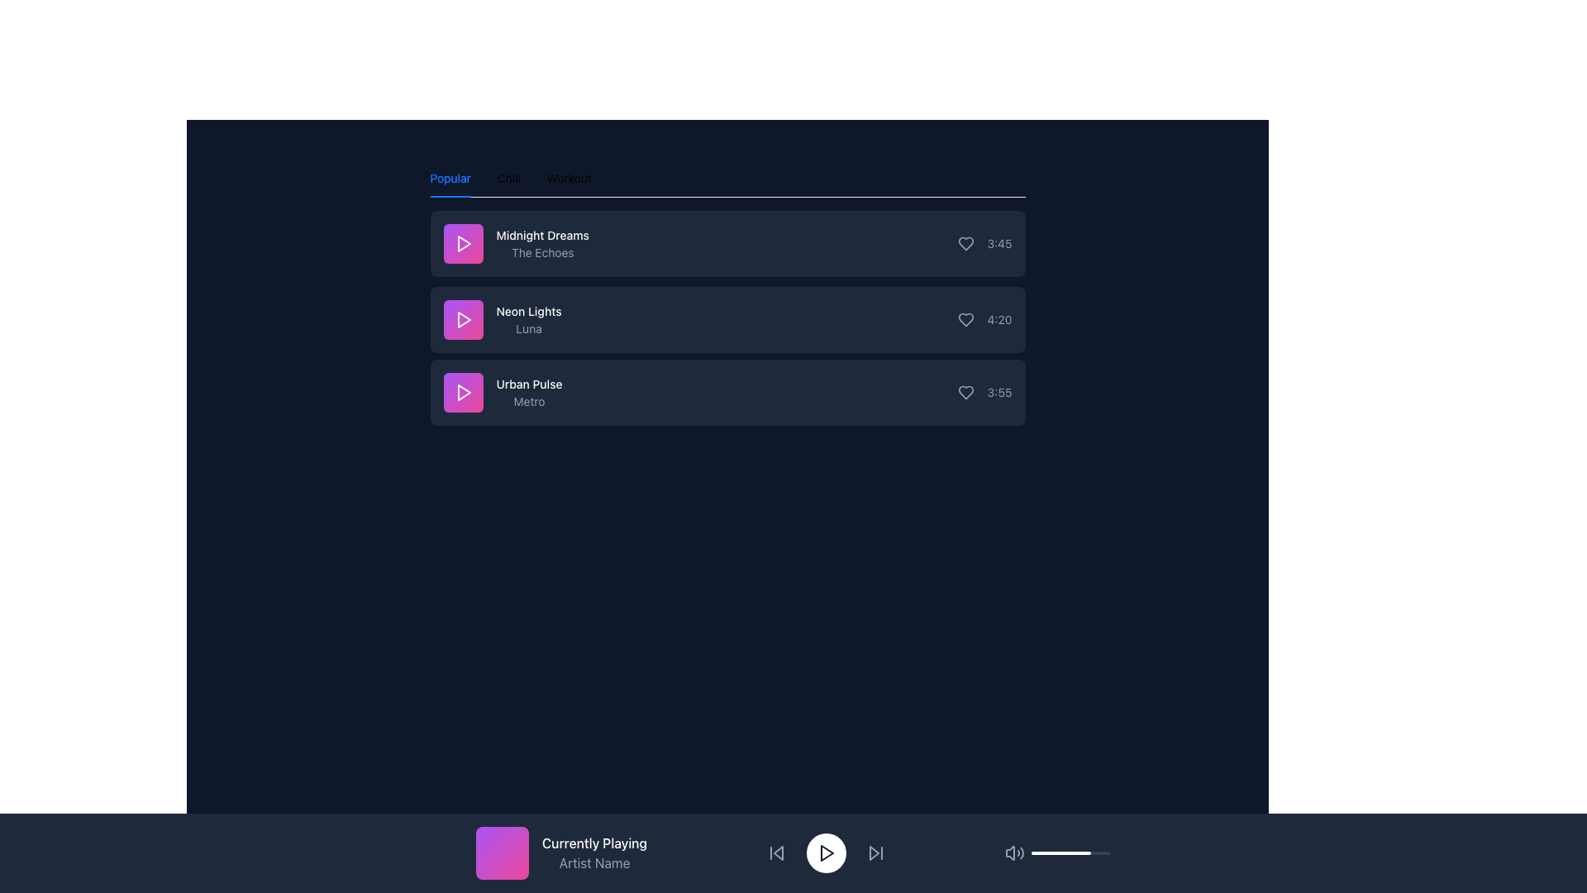  Describe the element at coordinates (463, 392) in the screenshot. I see `the triangular play icon button within the 'Urban Pulse' track item by 'Metro'` at that location.